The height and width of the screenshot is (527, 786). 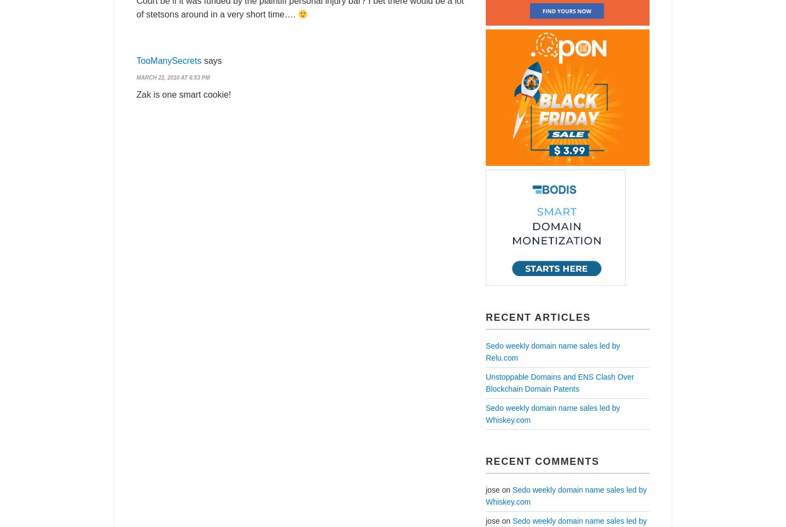 What do you see at coordinates (542, 460) in the screenshot?
I see `'Recent Comments'` at bounding box center [542, 460].